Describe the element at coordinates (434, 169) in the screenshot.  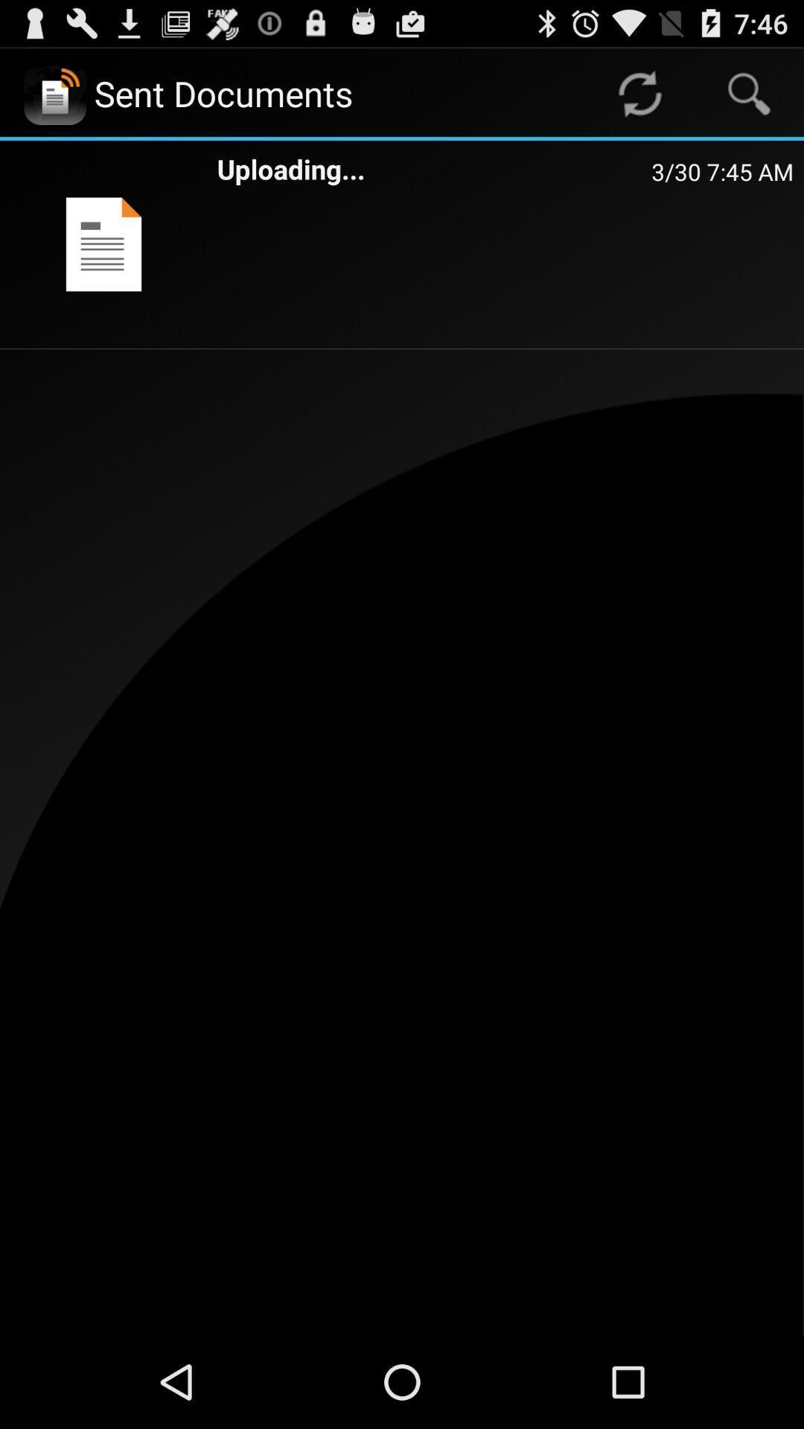
I see `uploading... app` at that location.